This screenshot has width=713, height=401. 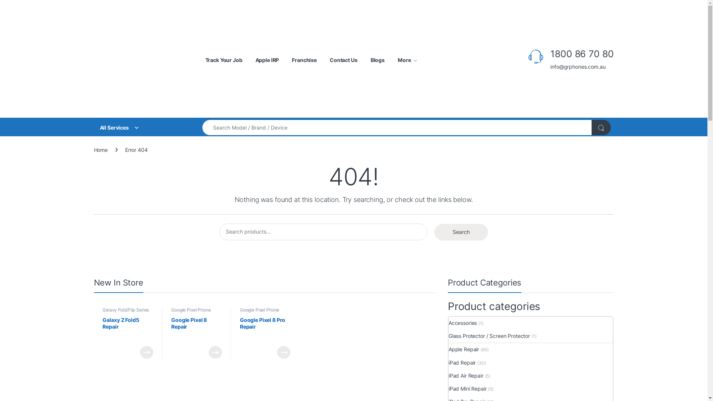 What do you see at coordinates (378, 60) in the screenshot?
I see `'Blogs'` at bounding box center [378, 60].